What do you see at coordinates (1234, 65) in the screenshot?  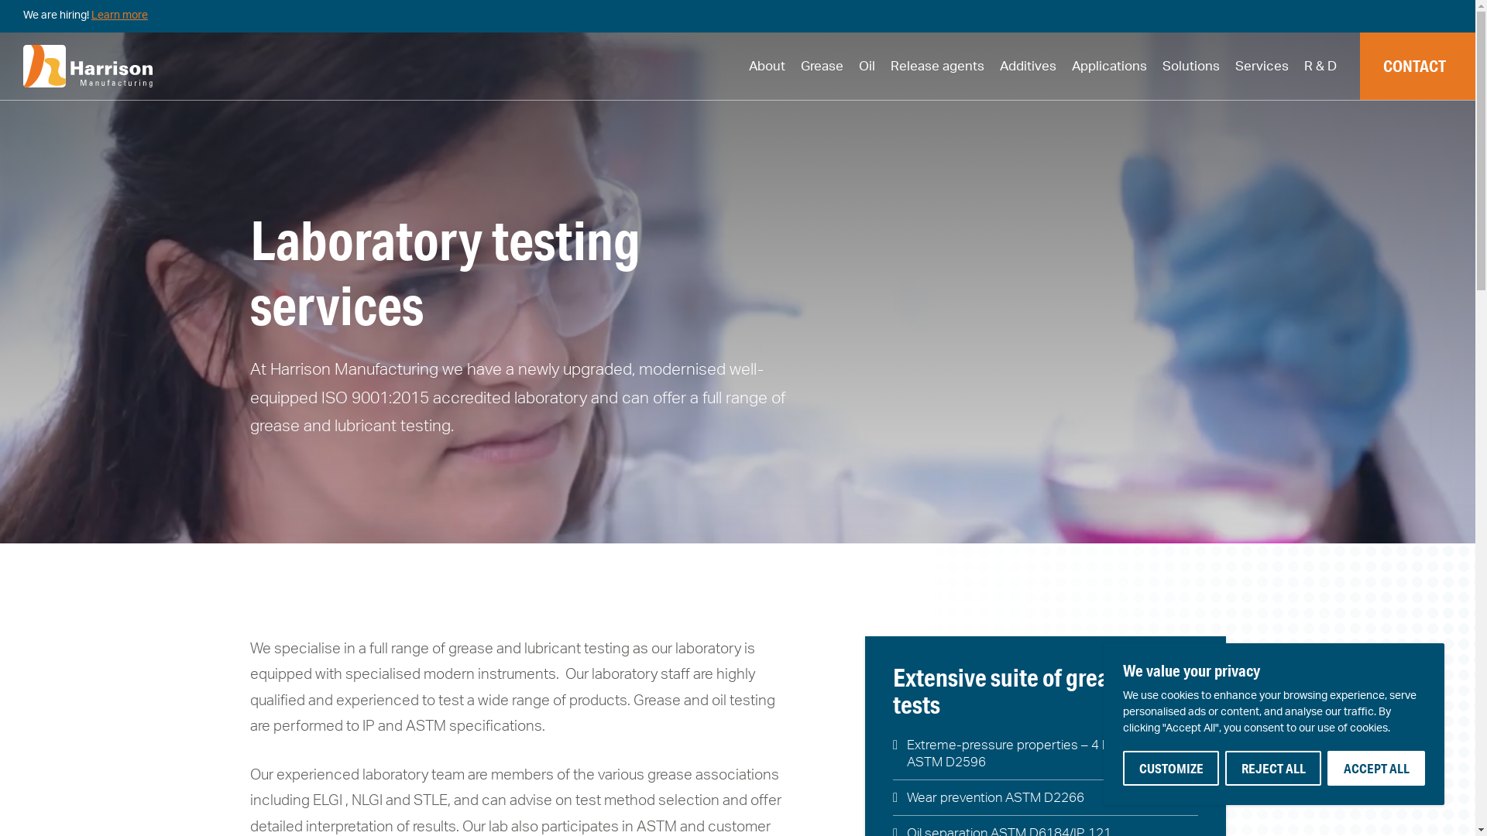 I see `'Services'` at bounding box center [1234, 65].